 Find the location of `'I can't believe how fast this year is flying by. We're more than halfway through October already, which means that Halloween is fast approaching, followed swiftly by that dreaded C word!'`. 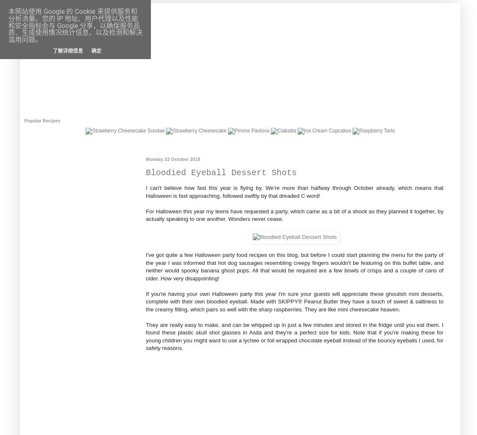

'I can't believe how fast this year is flying by. We're more than halfway through October already, which means that Halloween is fast approaching, followed swiftly by that dreaded C word!' is located at coordinates (295, 192).